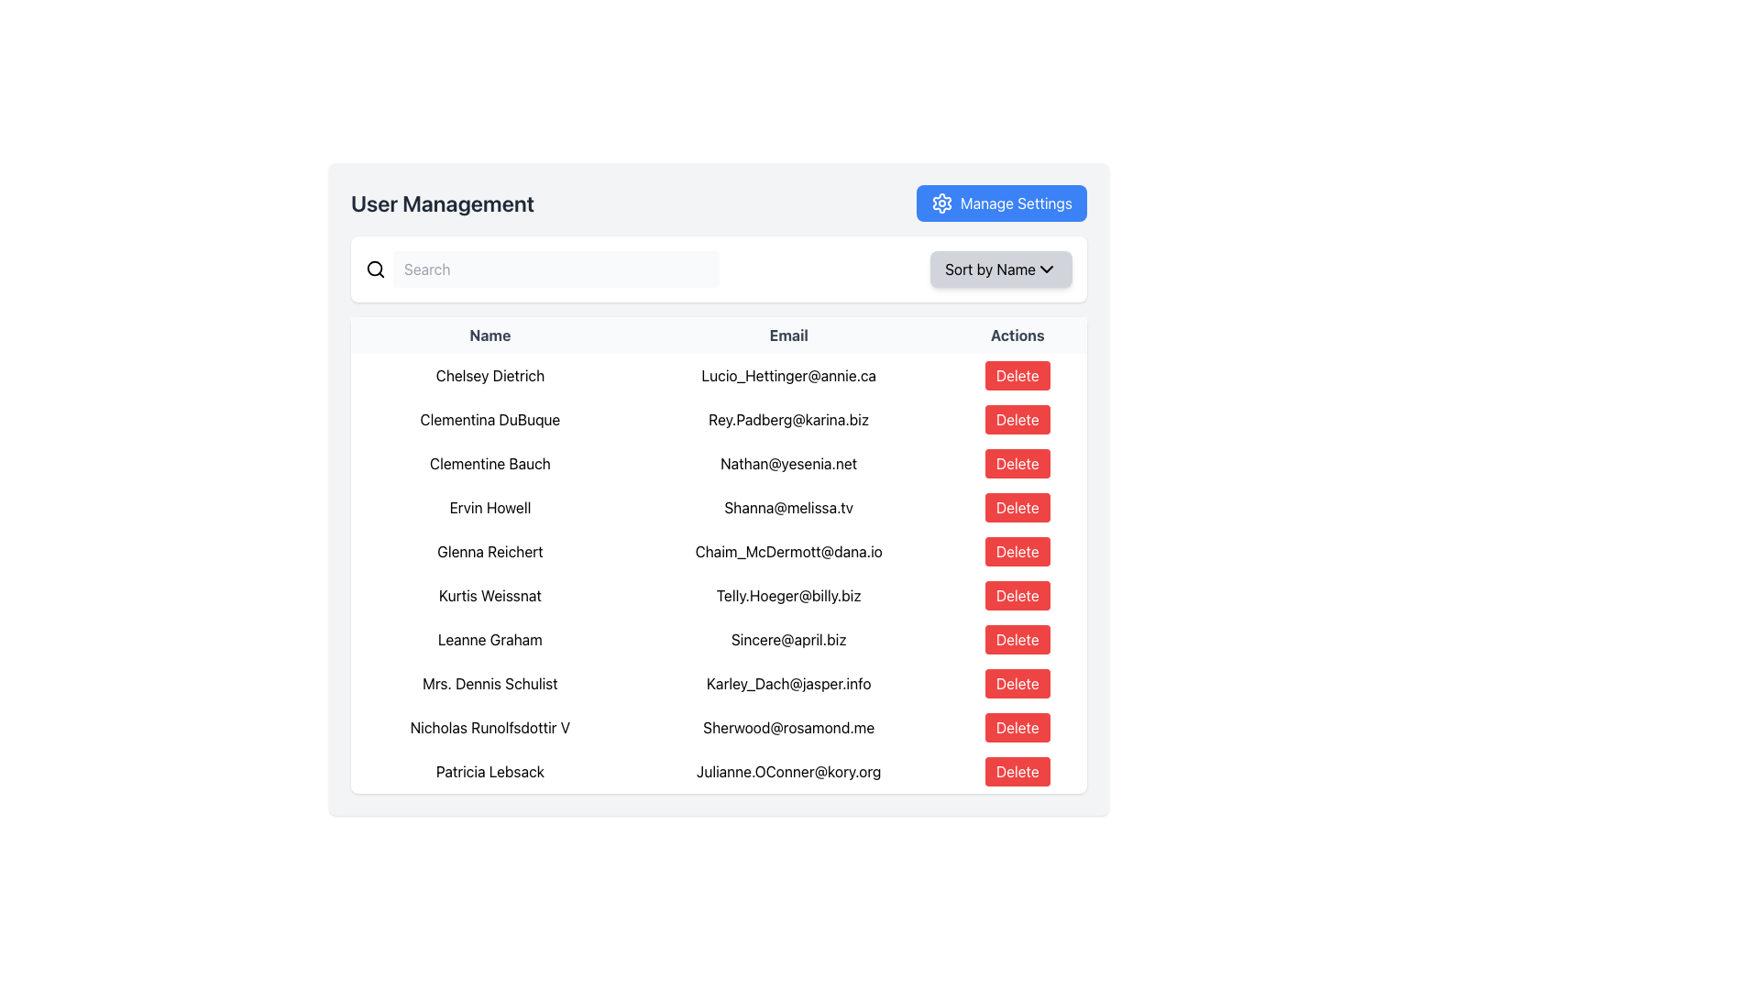 Image resolution: width=1760 pixels, height=990 pixels. What do you see at coordinates (489, 727) in the screenshot?
I see `the Static Text element displaying the user's name, located in the 'Name' column of a table, situated between 'Mrs. Dennis Schulist' and 'Patricia Lebsack', left of the email address 'Sherwood@rosamond.me'` at bounding box center [489, 727].